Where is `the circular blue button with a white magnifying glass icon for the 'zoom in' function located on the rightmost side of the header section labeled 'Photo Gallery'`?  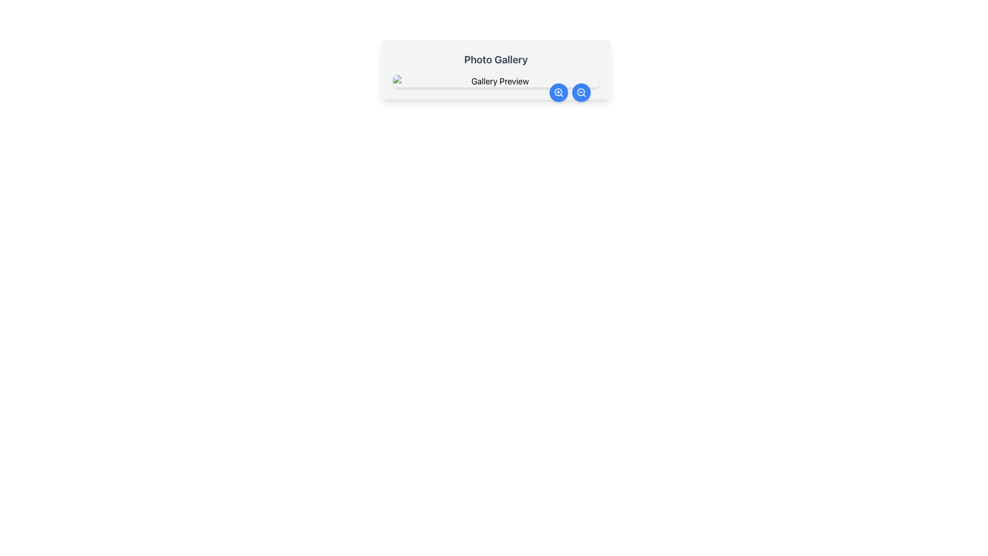 the circular blue button with a white magnifying glass icon for the 'zoom in' function located on the rightmost side of the header section labeled 'Photo Gallery' is located at coordinates (558, 93).